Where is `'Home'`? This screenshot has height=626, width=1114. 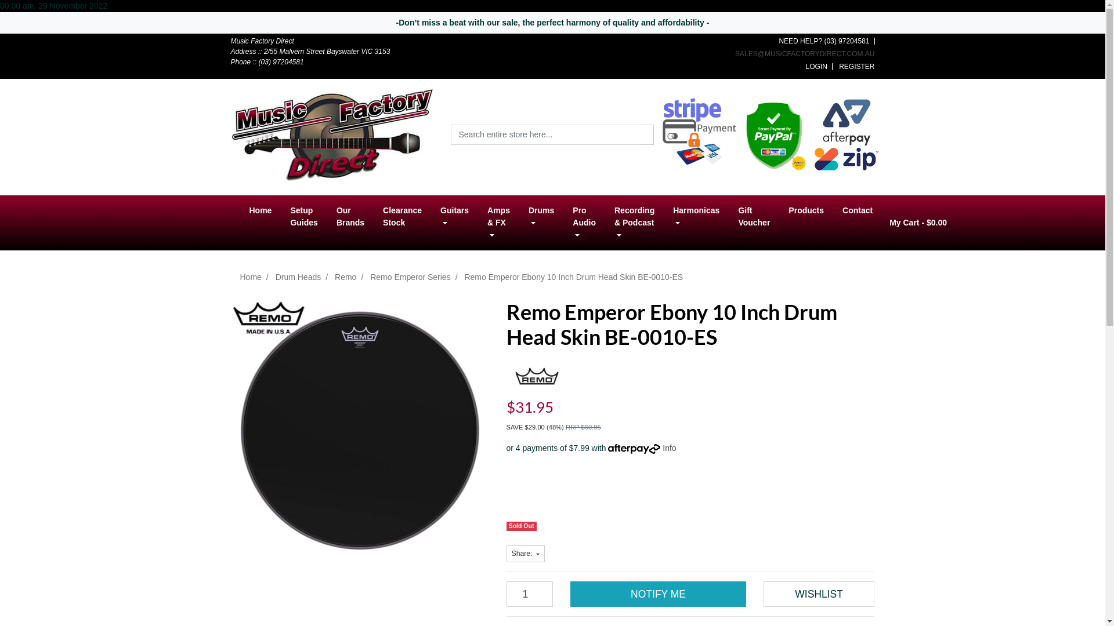 'Home' is located at coordinates (260, 210).